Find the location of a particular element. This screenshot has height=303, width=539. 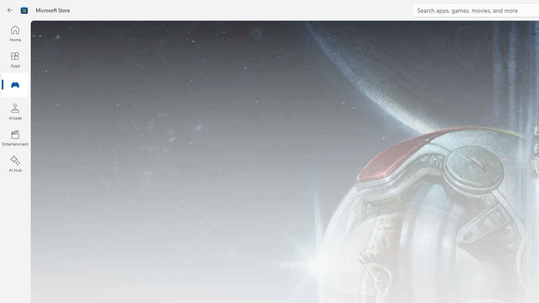

'Home' is located at coordinates (15, 33).